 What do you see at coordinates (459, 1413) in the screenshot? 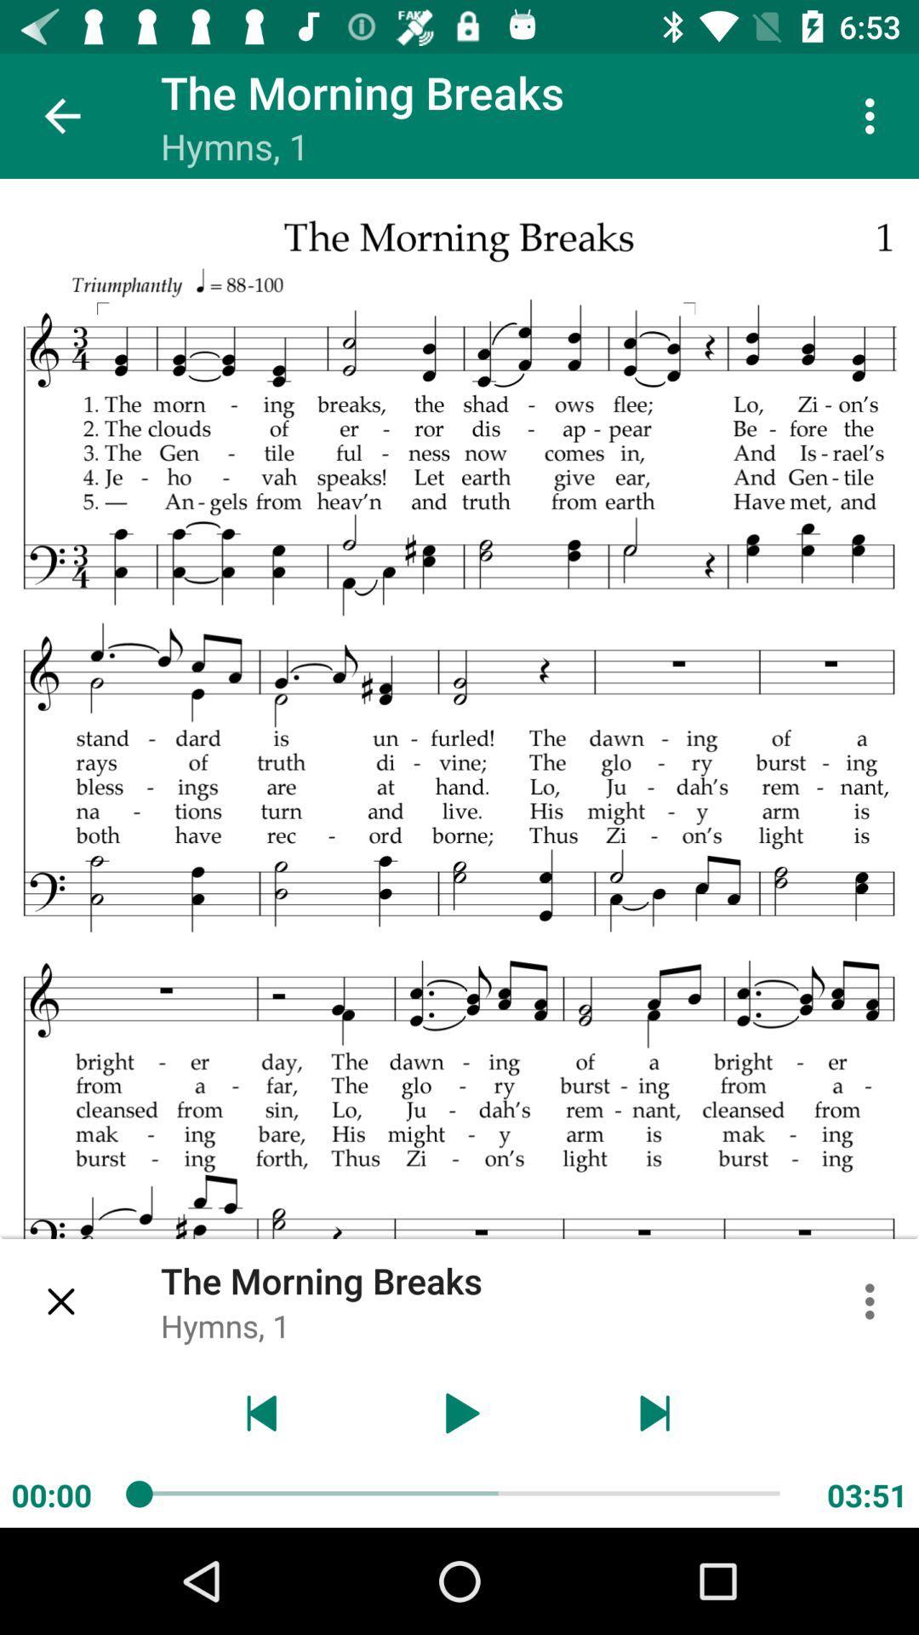
I see `the play icon` at bounding box center [459, 1413].